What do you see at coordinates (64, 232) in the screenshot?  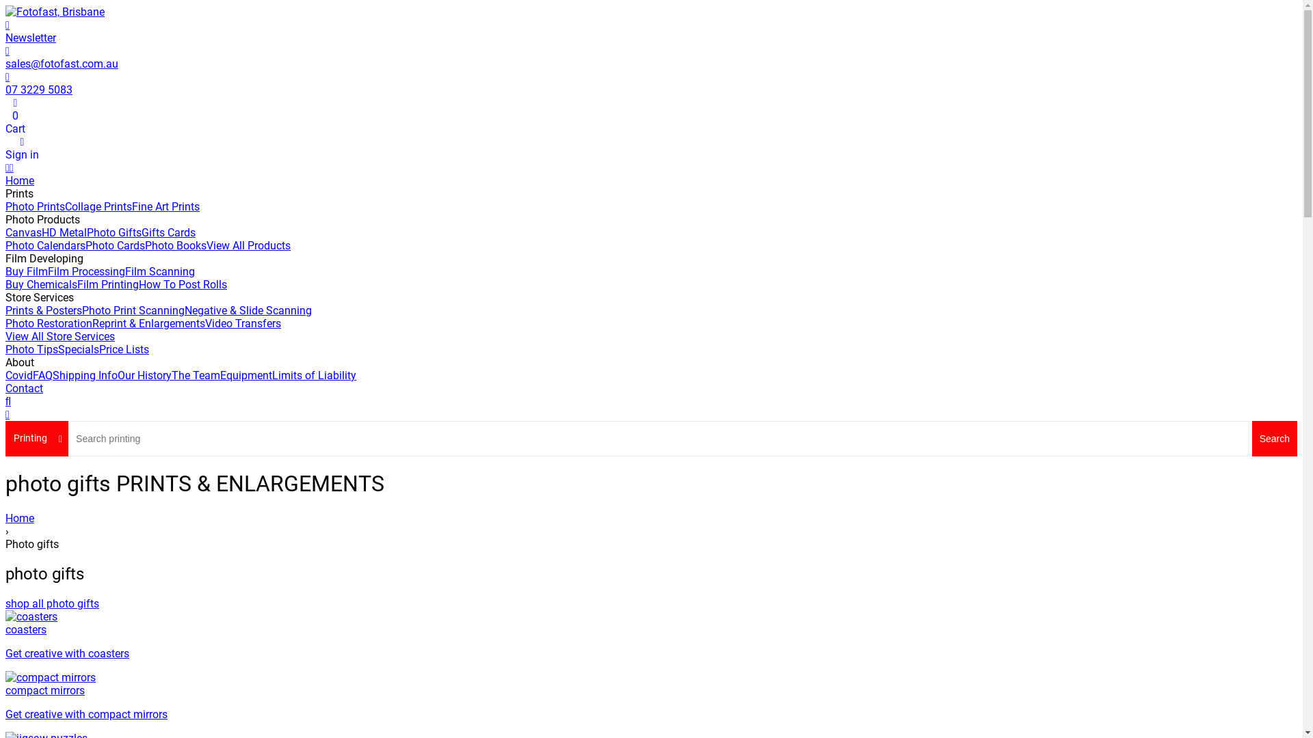 I see `'HD Metal'` at bounding box center [64, 232].